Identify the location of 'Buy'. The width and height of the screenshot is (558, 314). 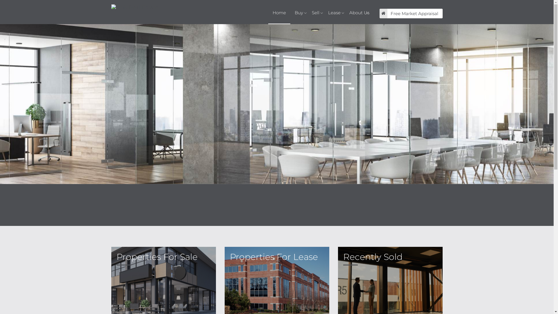
(290, 13).